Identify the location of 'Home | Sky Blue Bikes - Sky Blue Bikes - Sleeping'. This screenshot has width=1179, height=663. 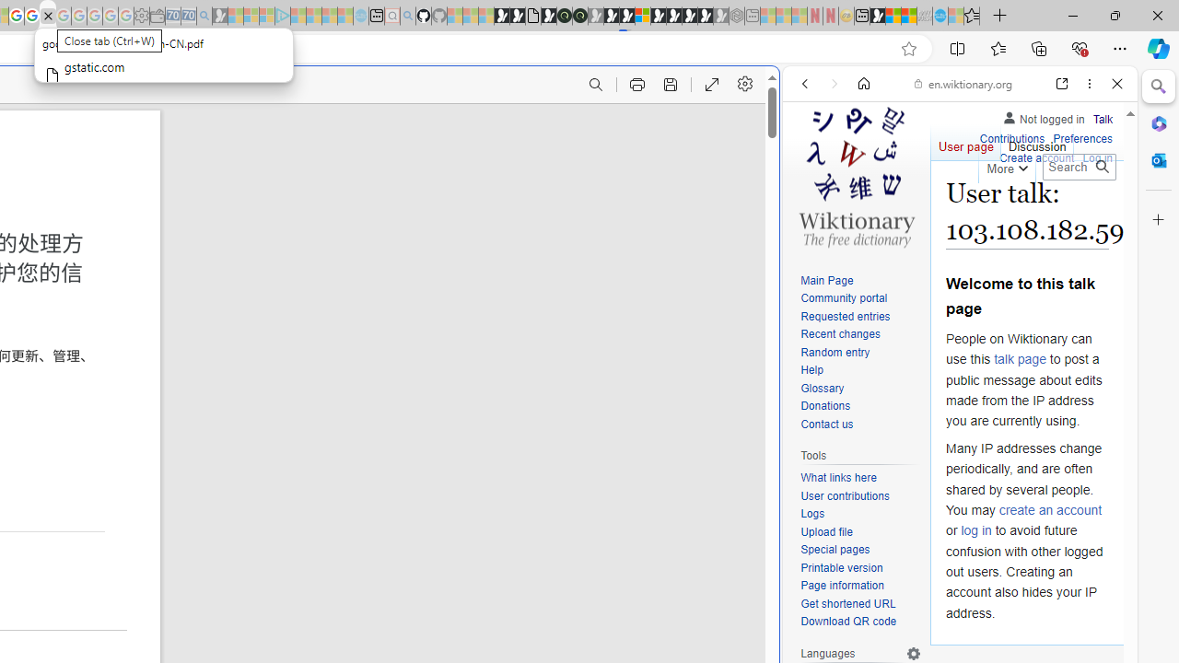
(361, 16).